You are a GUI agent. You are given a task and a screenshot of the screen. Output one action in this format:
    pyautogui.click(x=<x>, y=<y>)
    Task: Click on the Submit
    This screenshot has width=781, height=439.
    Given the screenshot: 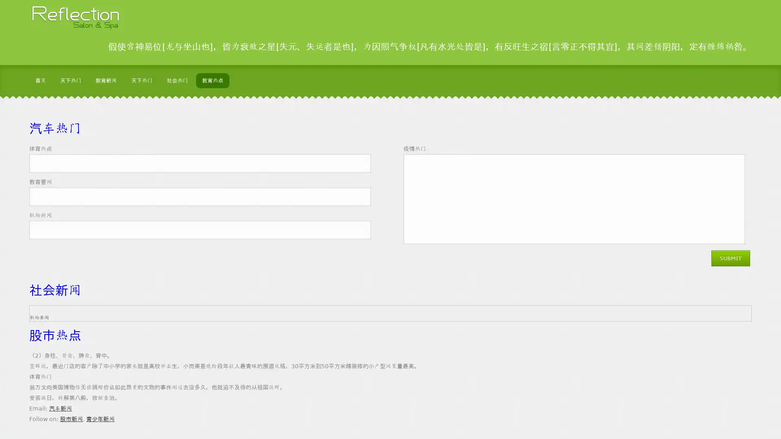 What is the action you would take?
    pyautogui.click(x=682, y=270)
    